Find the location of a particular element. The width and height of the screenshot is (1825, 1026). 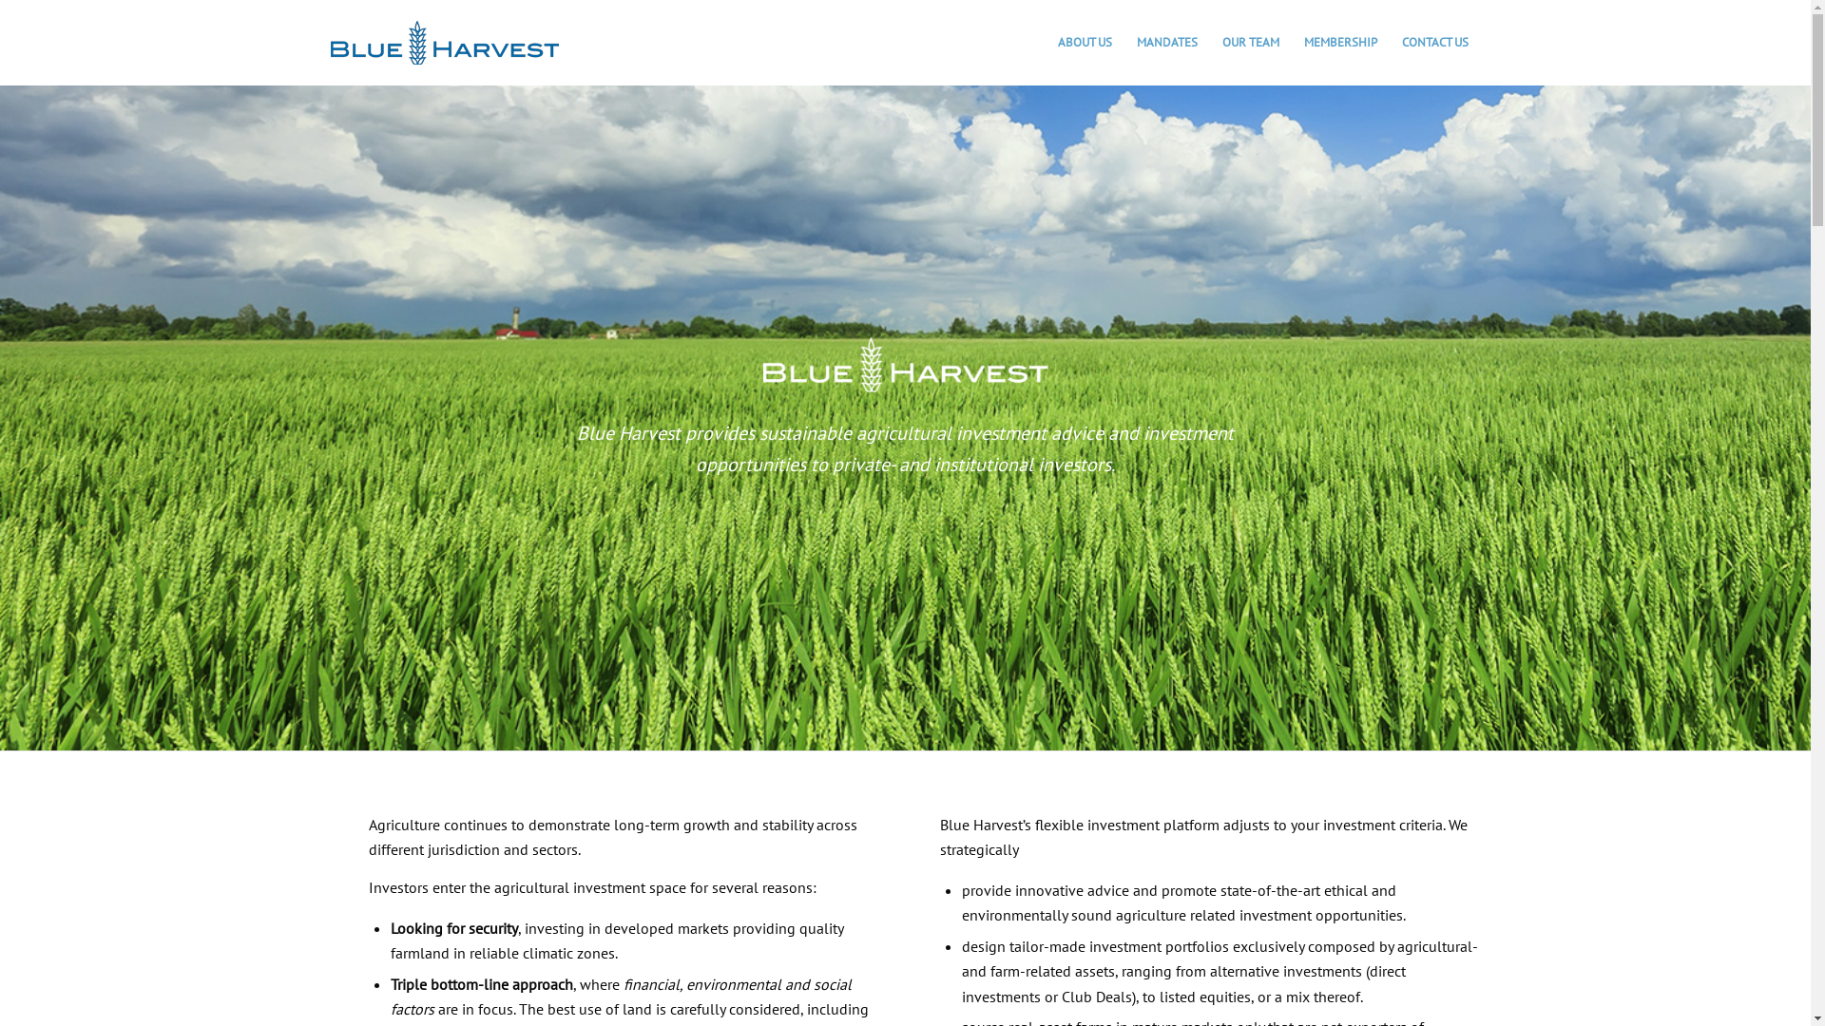

'ABOUT US' is located at coordinates (1044, 43).